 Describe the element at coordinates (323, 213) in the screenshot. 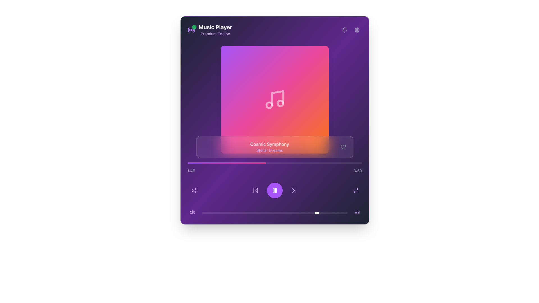

I see `the slider value` at that location.